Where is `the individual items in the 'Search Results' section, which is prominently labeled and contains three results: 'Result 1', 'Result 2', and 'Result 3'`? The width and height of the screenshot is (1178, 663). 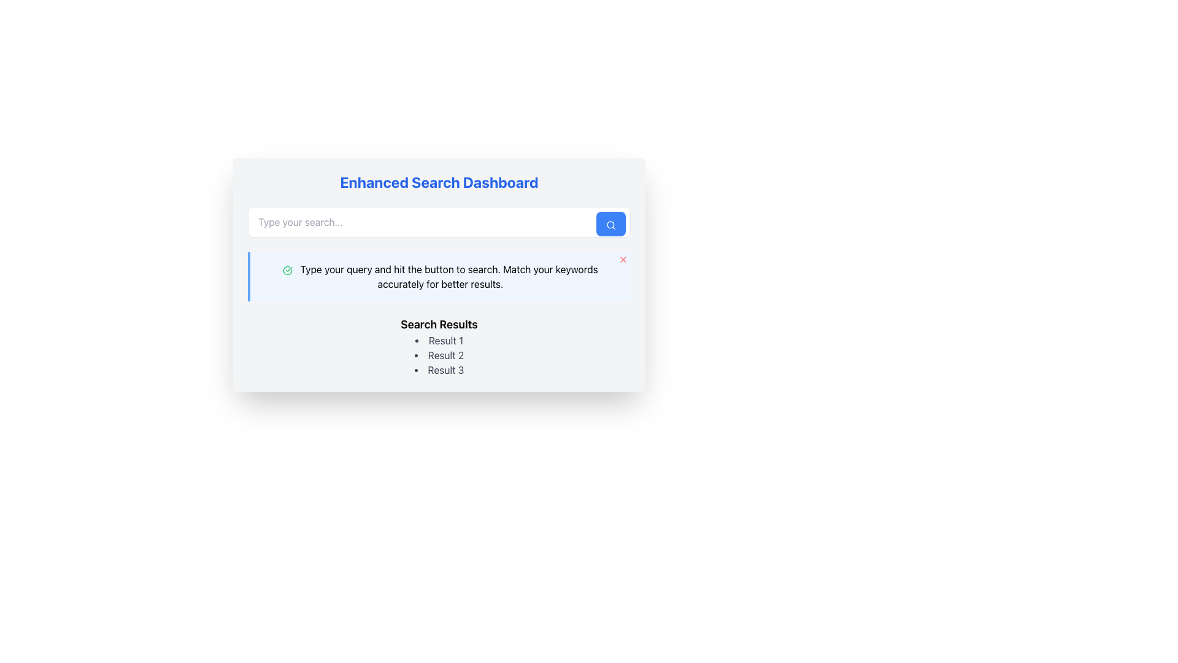 the individual items in the 'Search Results' section, which is prominently labeled and contains three results: 'Result 1', 'Result 2', and 'Result 3' is located at coordinates (439, 346).